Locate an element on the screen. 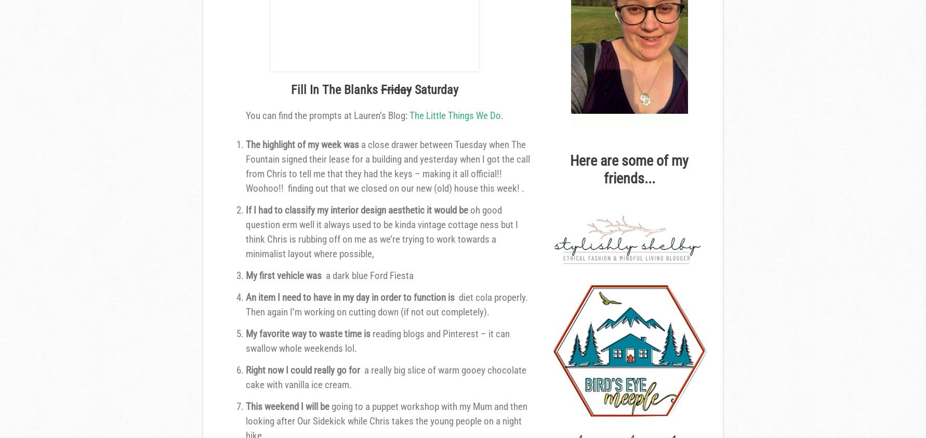 Image resolution: width=926 pixels, height=438 pixels. 'The Little Things We Do' is located at coordinates (455, 115).